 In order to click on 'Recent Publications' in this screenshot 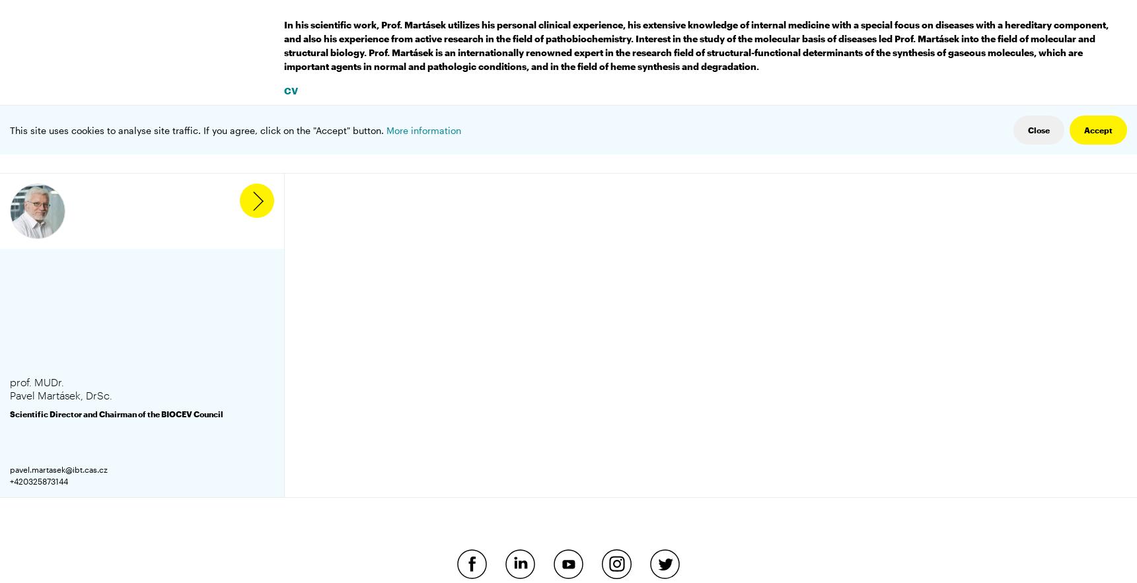, I will do `click(329, 114)`.